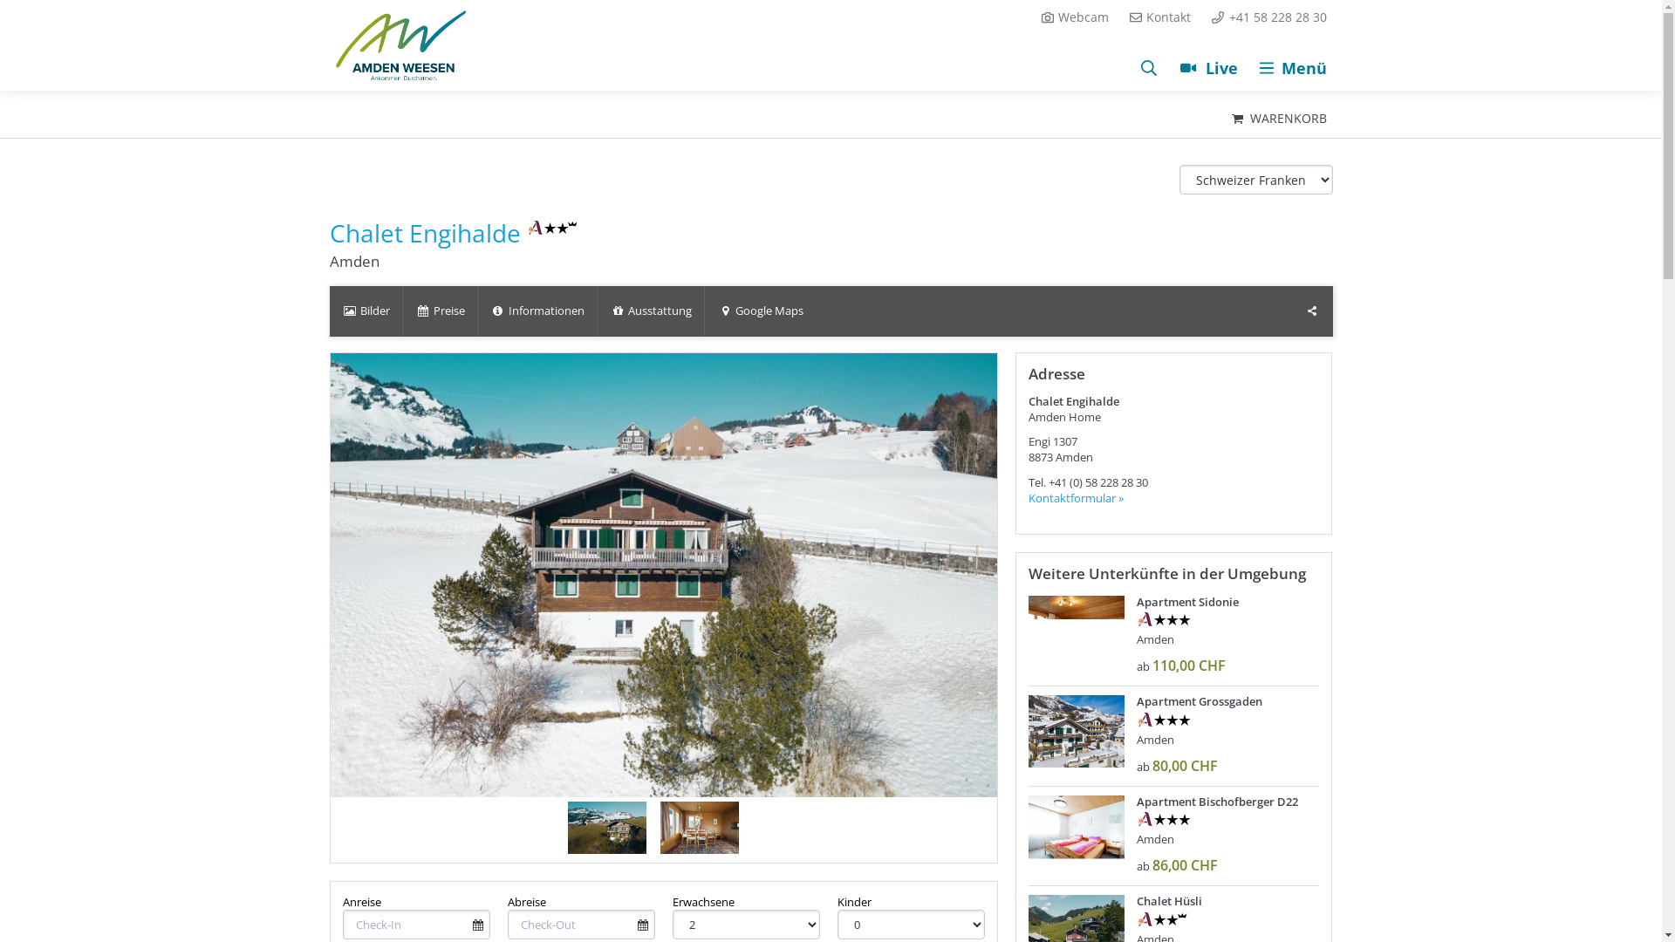  Describe the element at coordinates (1047, 481) in the screenshot. I see `'+41 (0) 58 228 28 30'` at that location.